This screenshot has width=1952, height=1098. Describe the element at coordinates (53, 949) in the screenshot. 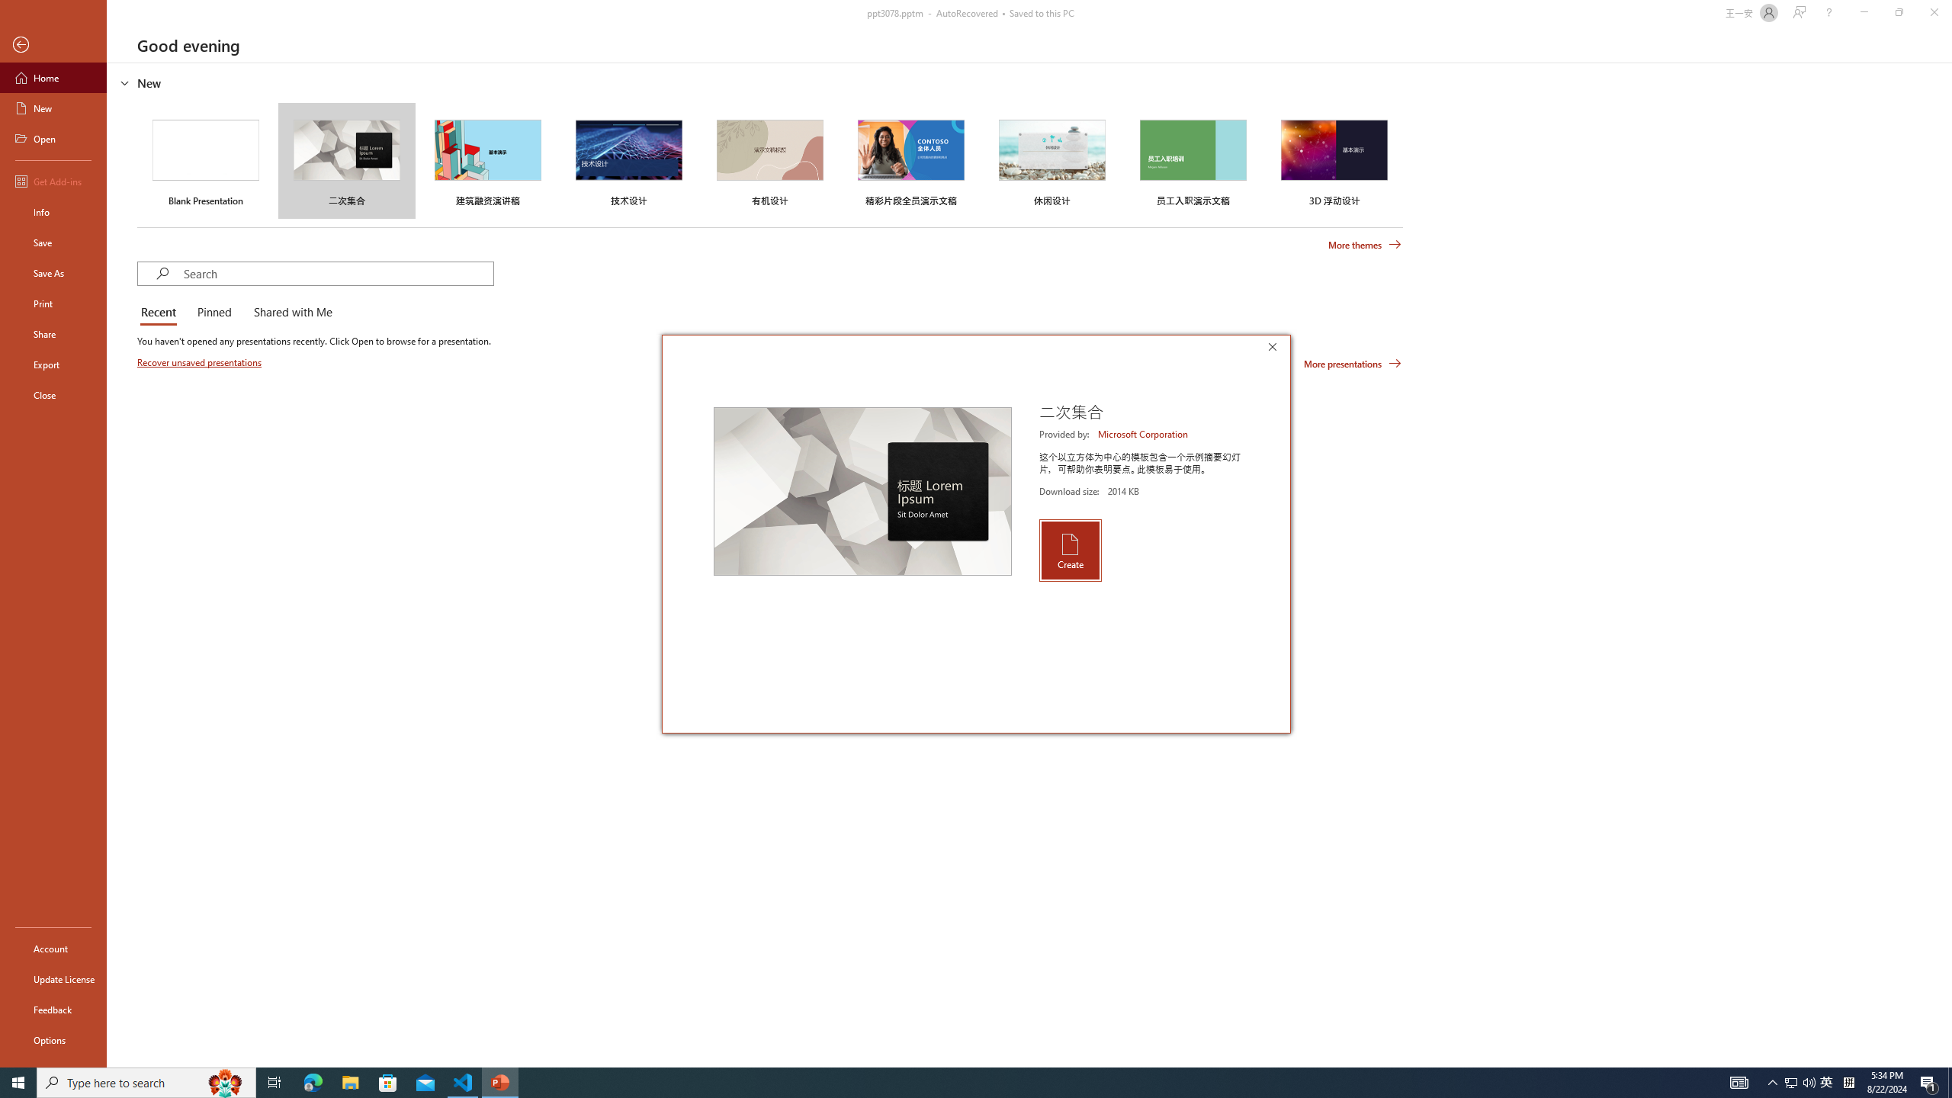

I see `'Account'` at that location.